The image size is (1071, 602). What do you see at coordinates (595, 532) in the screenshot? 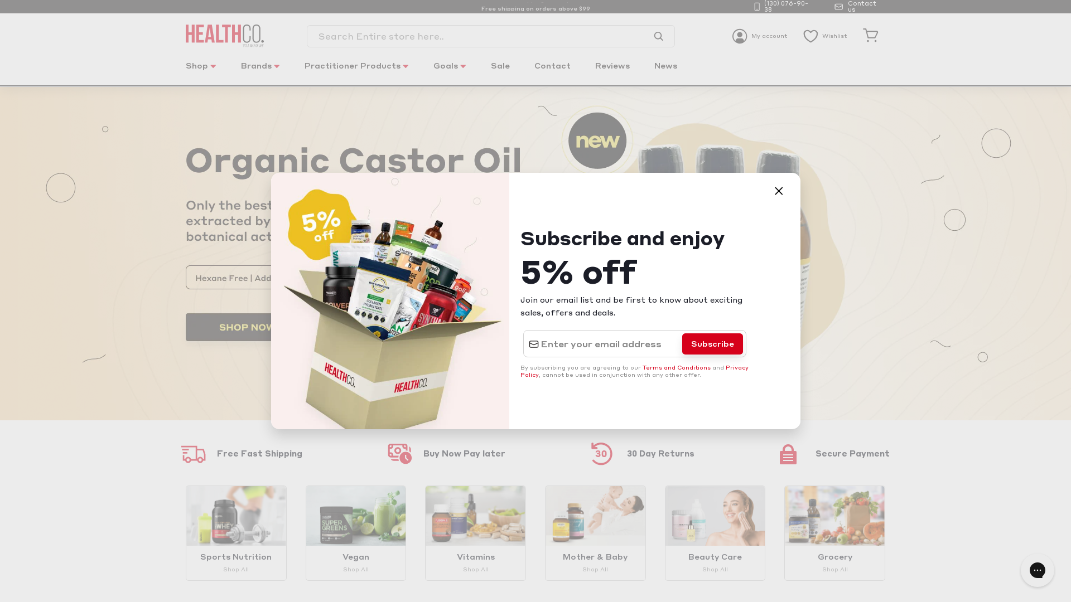
I see `'Mother & Baby` at bounding box center [595, 532].